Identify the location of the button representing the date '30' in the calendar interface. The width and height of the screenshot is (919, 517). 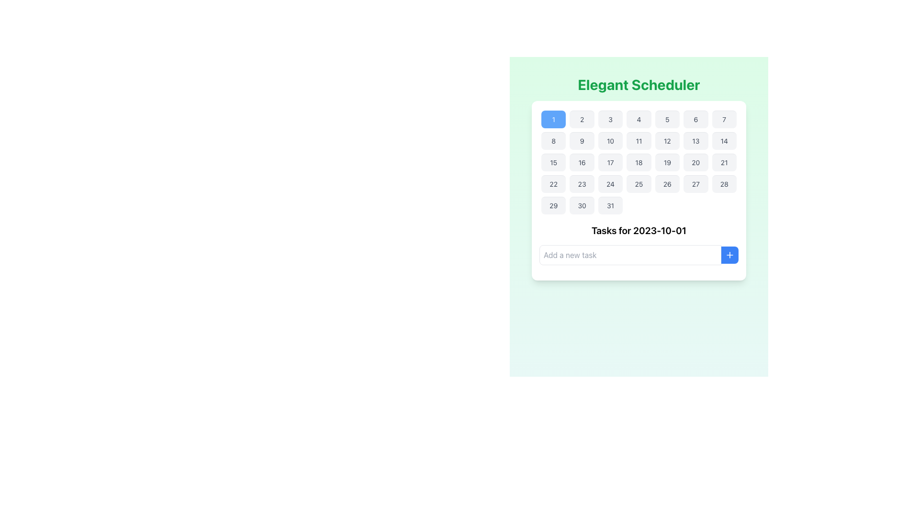
(582, 205).